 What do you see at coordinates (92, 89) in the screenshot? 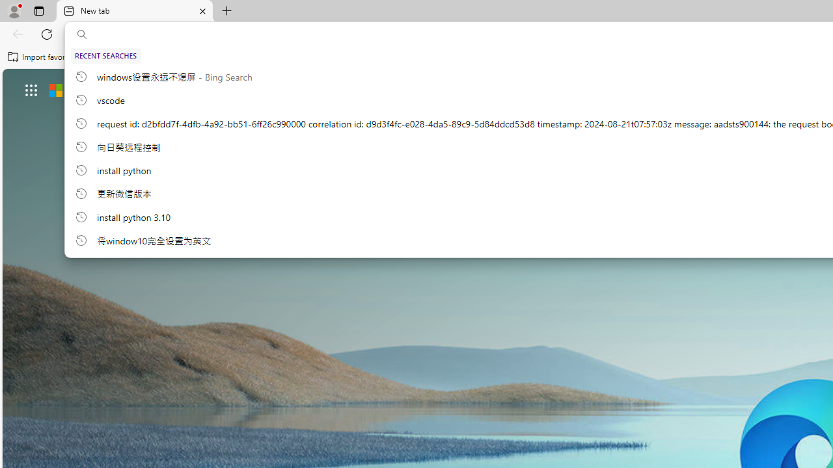
I see `'Microsoft start'` at bounding box center [92, 89].